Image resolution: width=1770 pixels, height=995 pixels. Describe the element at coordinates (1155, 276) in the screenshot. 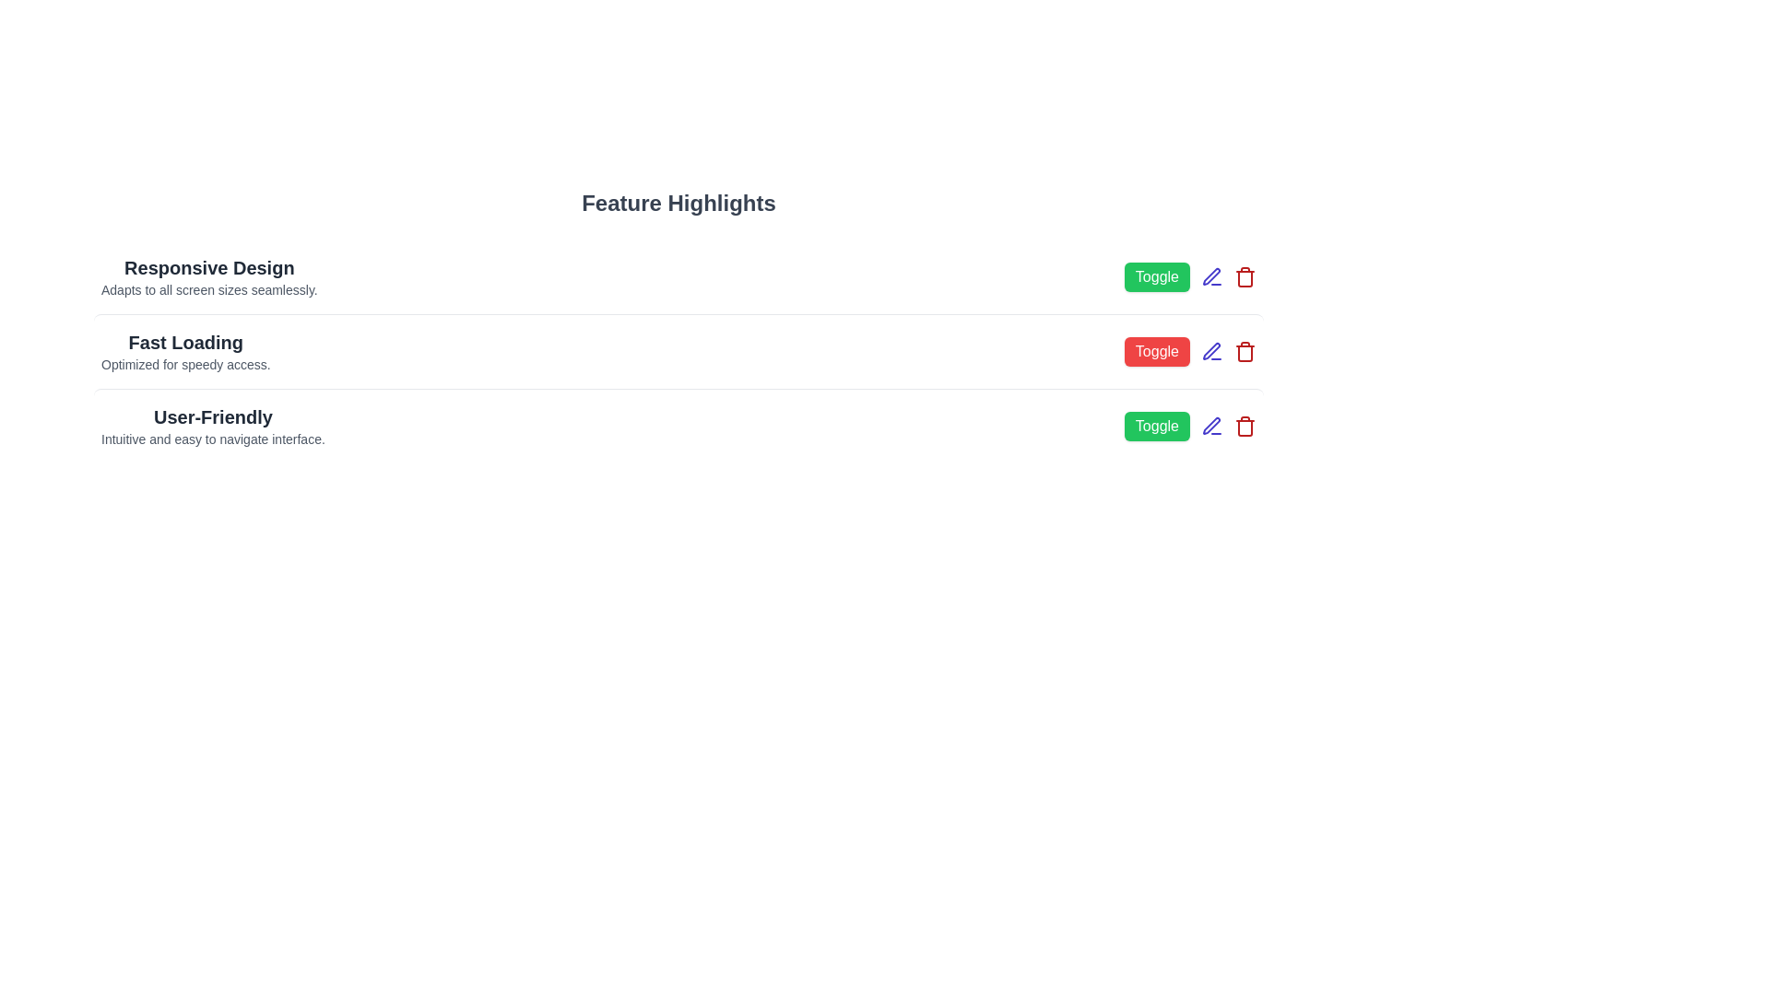

I see `the 'Toggle' button next to the feature with name Responsive Design` at that location.